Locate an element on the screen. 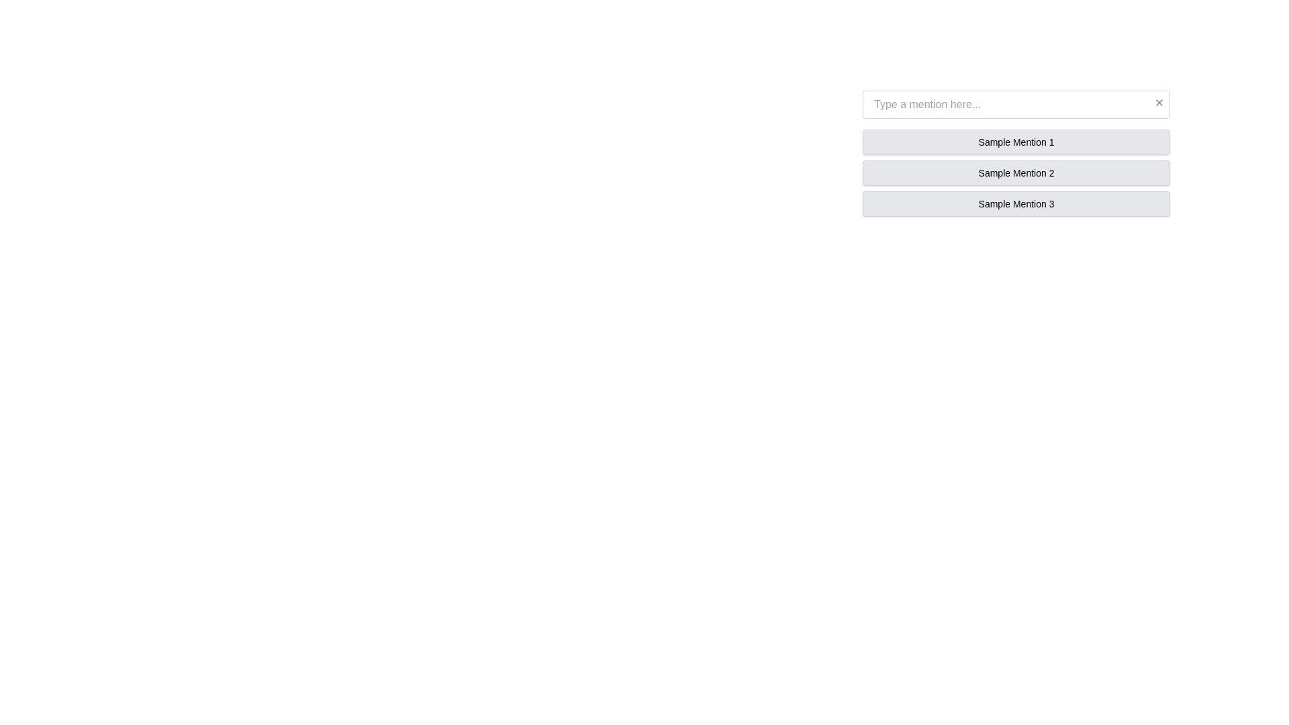 Image resolution: width=1289 pixels, height=725 pixels. the second button-like label that is positioned under the text input field with the placeholder 'Type a mention here...'. This button represents a selectable mention, displaying 'Sample Mention 2' is located at coordinates (1016, 173).